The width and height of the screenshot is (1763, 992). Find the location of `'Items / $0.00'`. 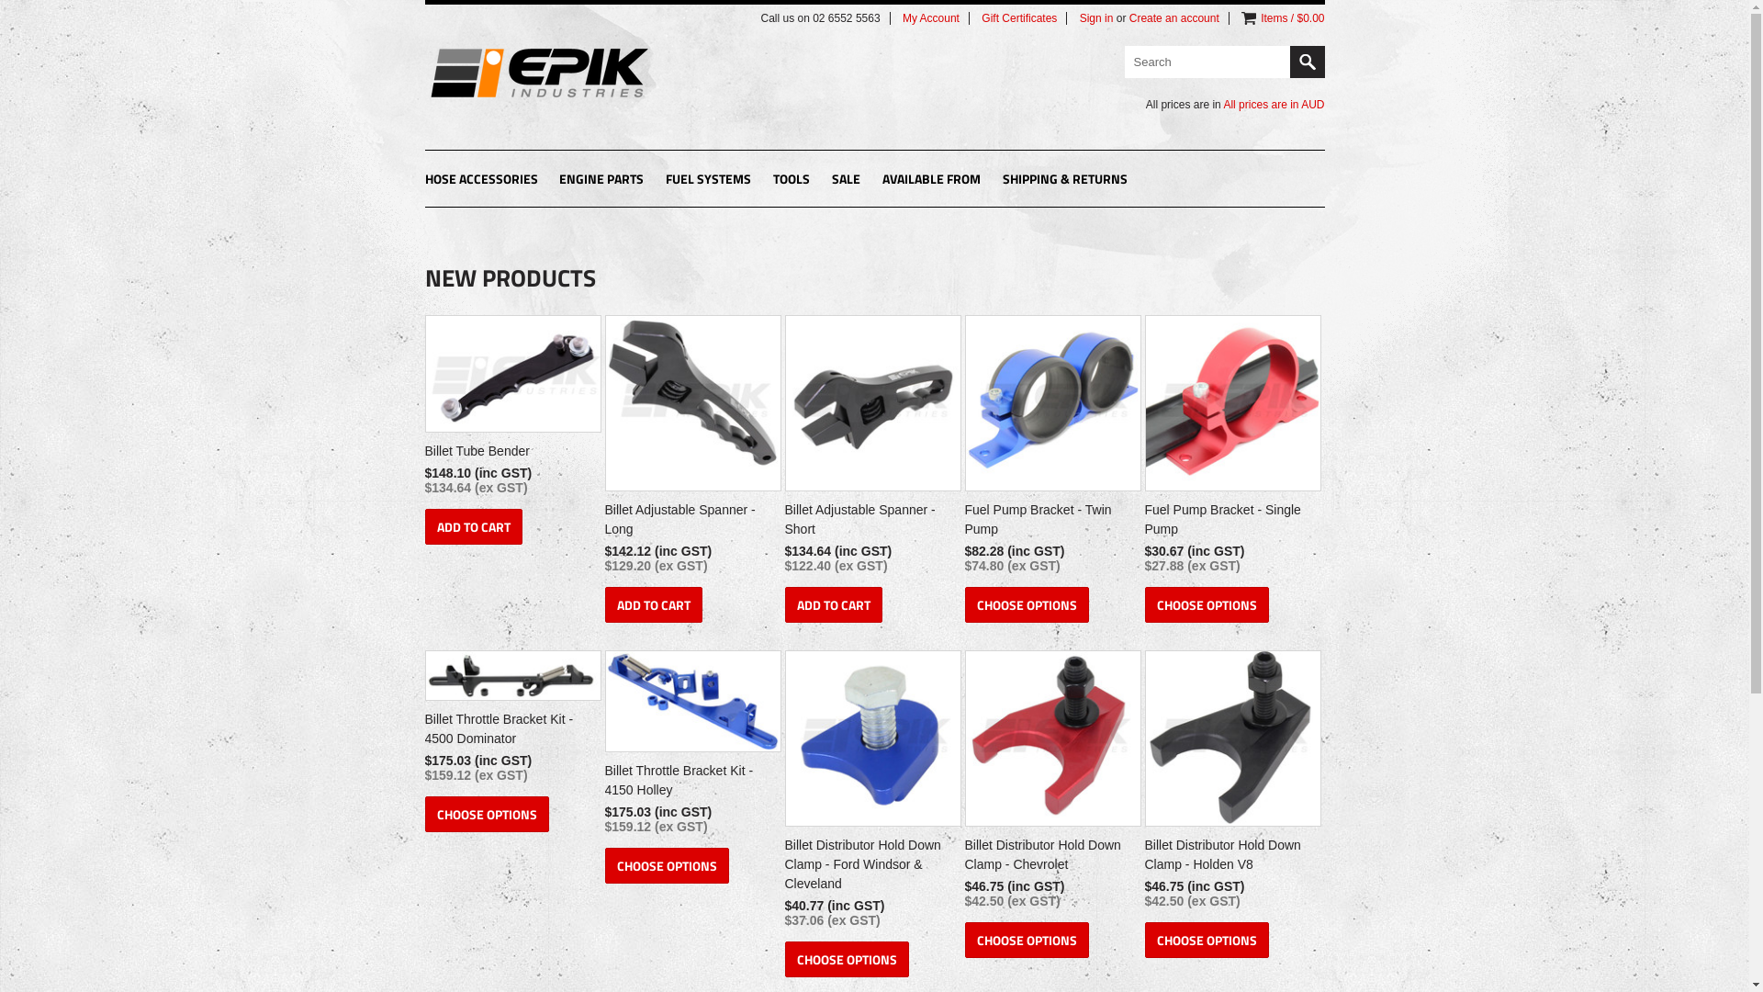

'Items / $0.00' is located at coordinates (1291, 17).